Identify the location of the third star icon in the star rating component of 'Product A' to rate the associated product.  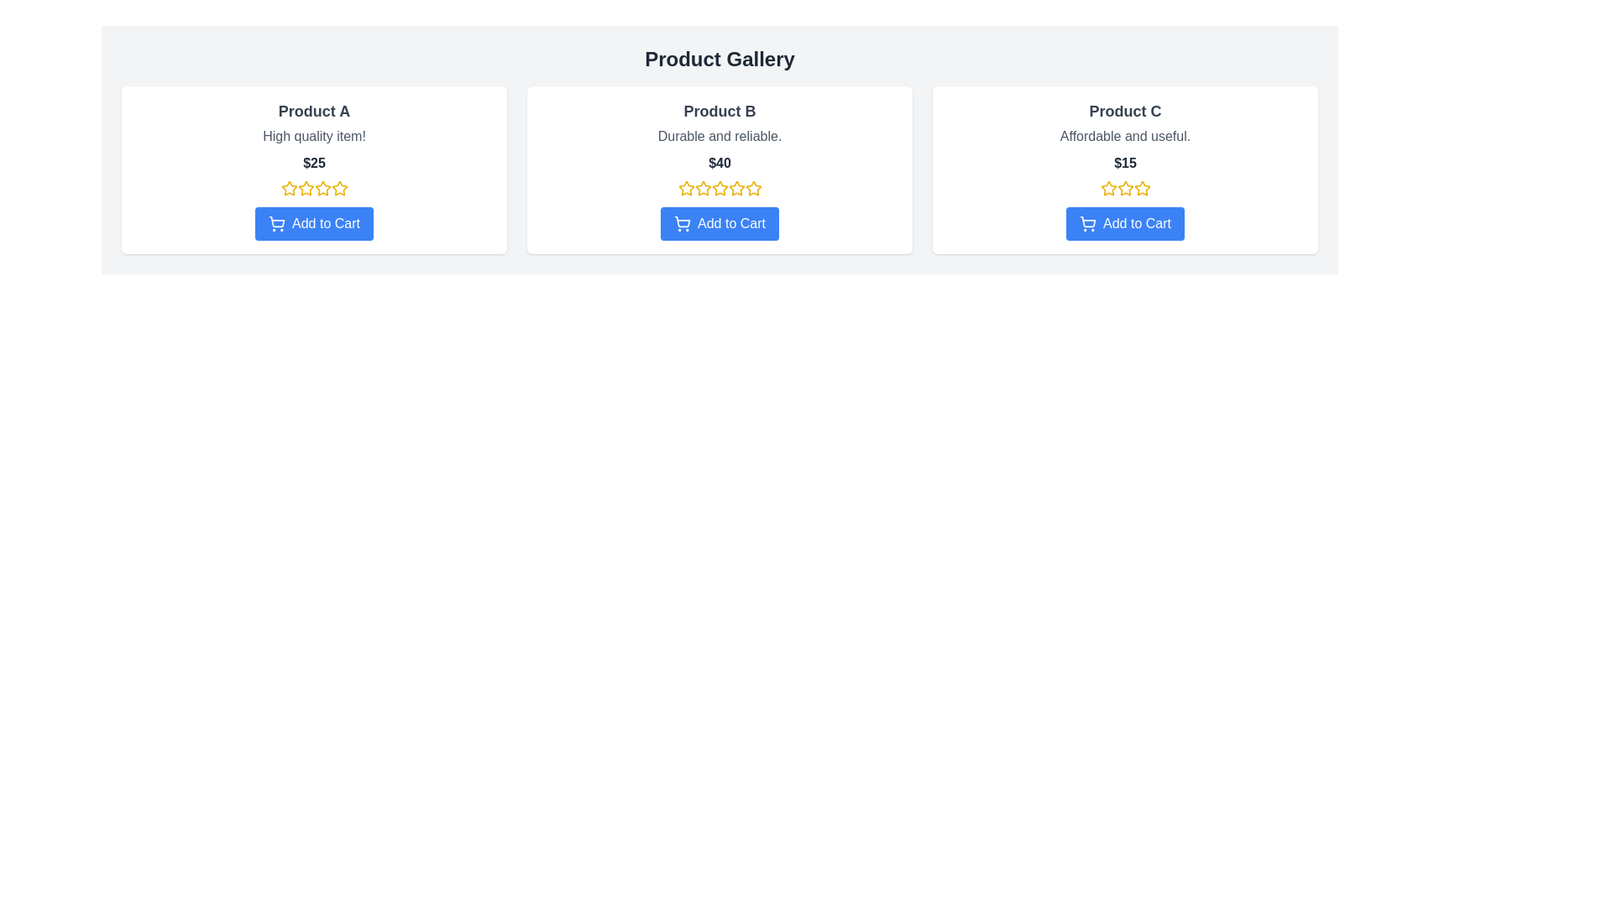
(306, 188).